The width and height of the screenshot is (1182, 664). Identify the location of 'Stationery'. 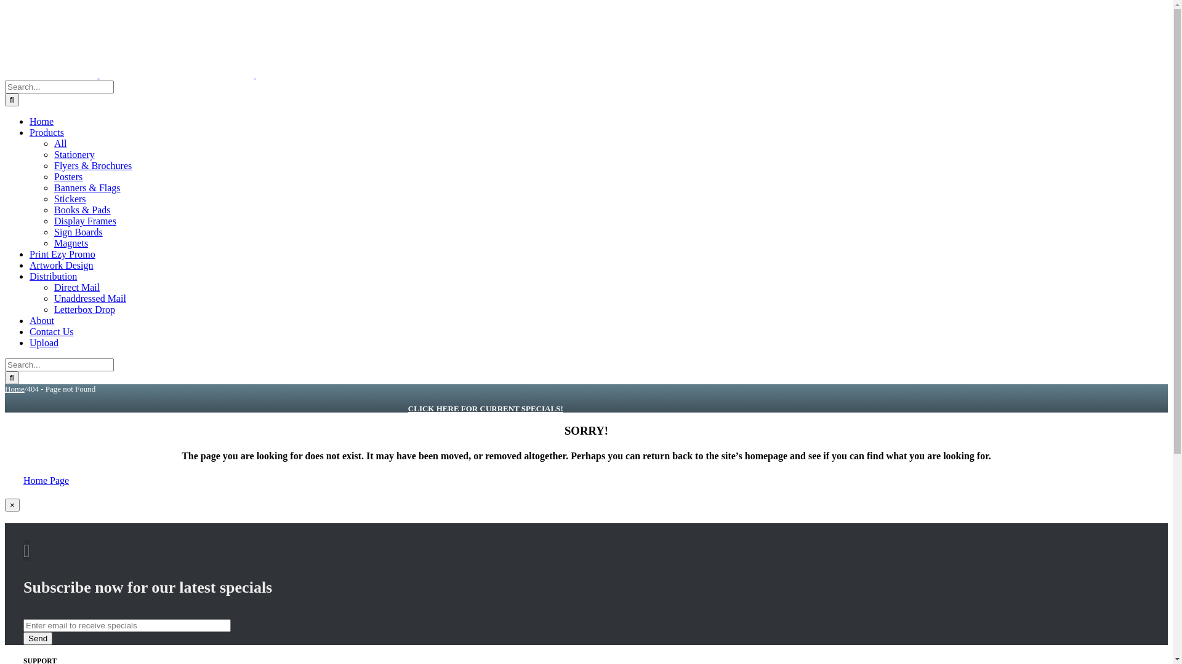
(73, 154).